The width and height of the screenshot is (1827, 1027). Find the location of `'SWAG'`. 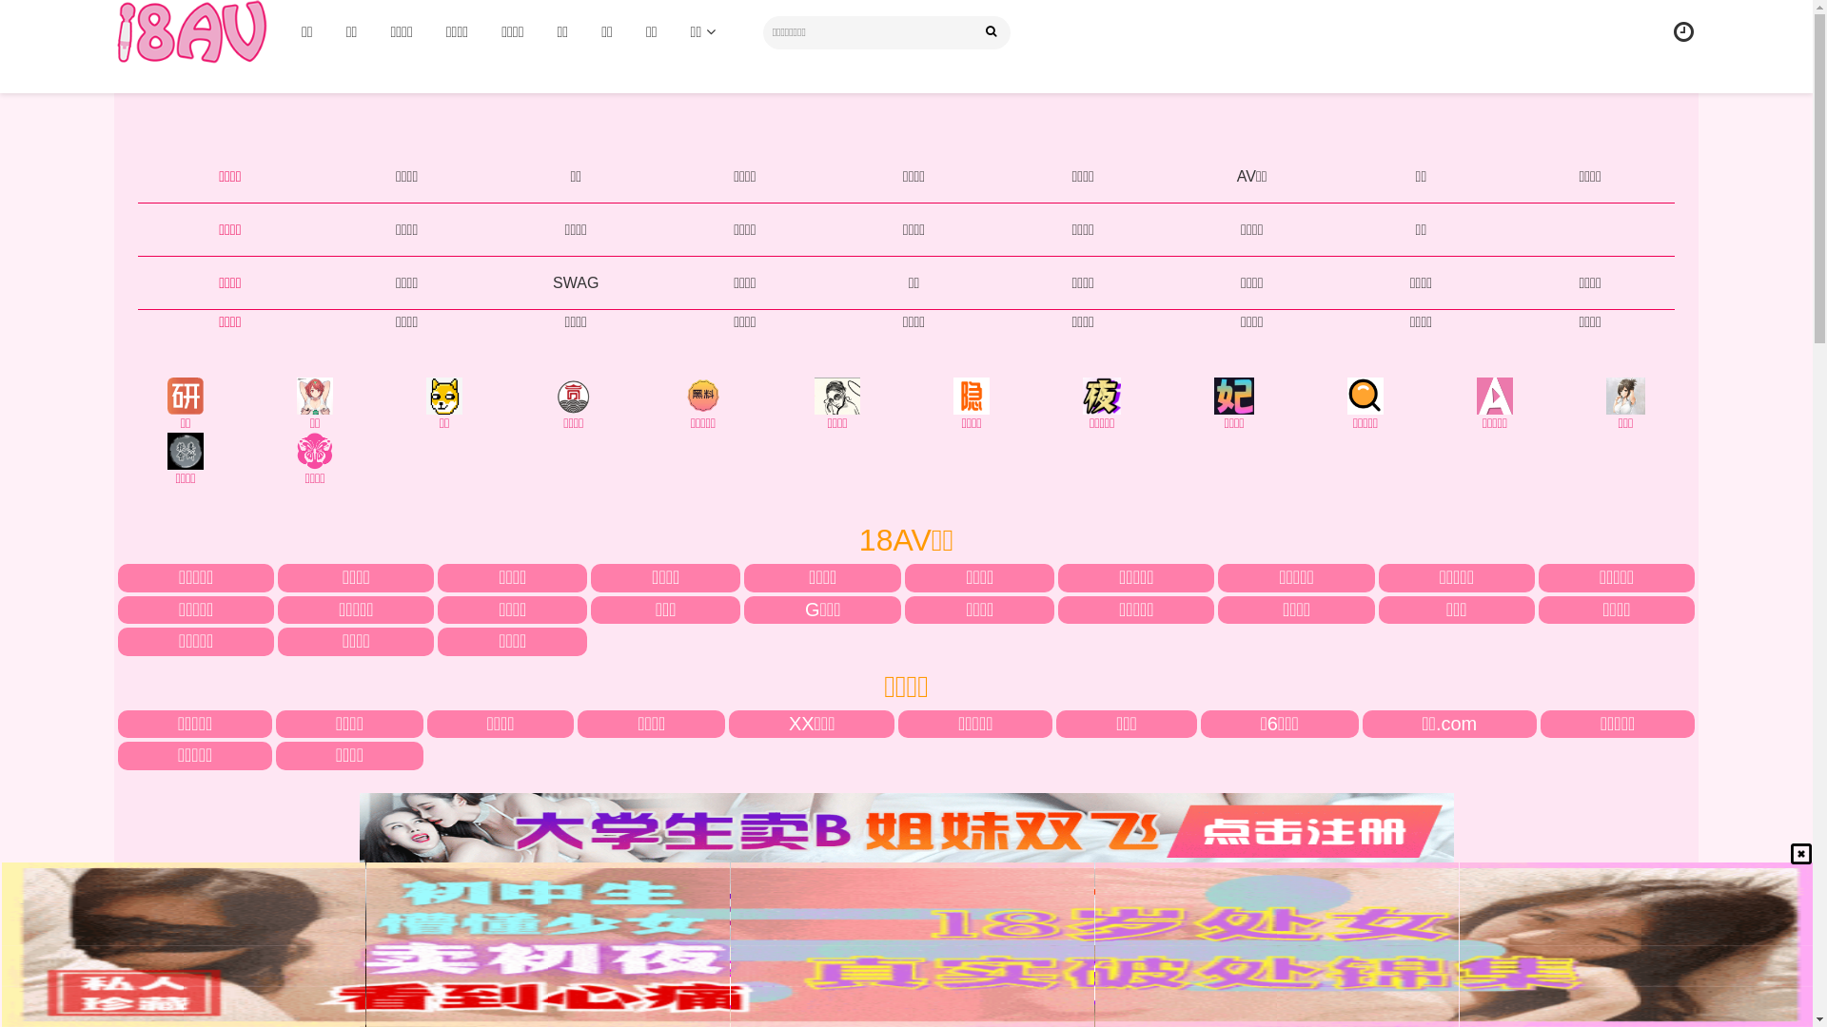

'SWAG' is located at coordinates (574, 282).